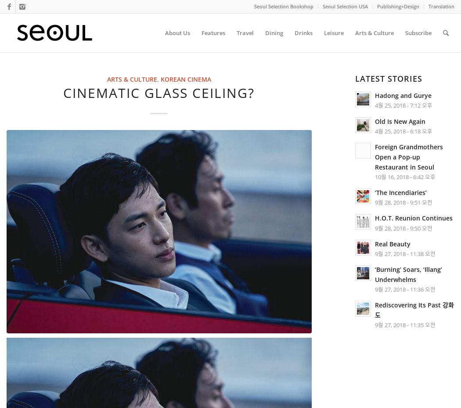 The width and height of the screenshot is (461, 408). Describe the element at coordinates (405, 325) in the screenshot. I see `'9월 27, 2018 - 11:35 오전'` at that location.